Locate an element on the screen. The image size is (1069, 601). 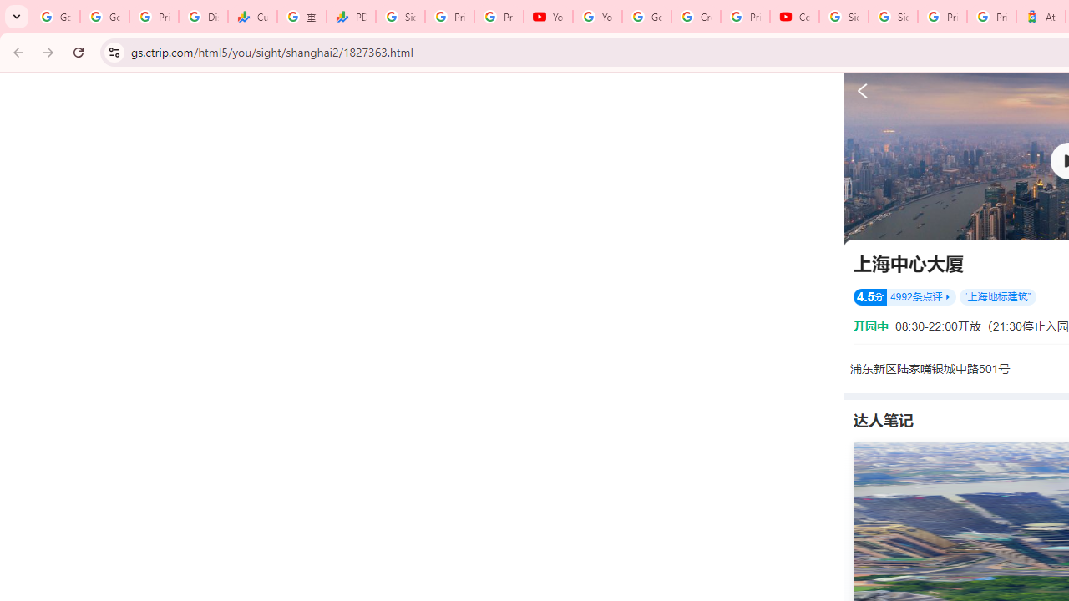
'YouTube' is located at coordinates (548, 17).